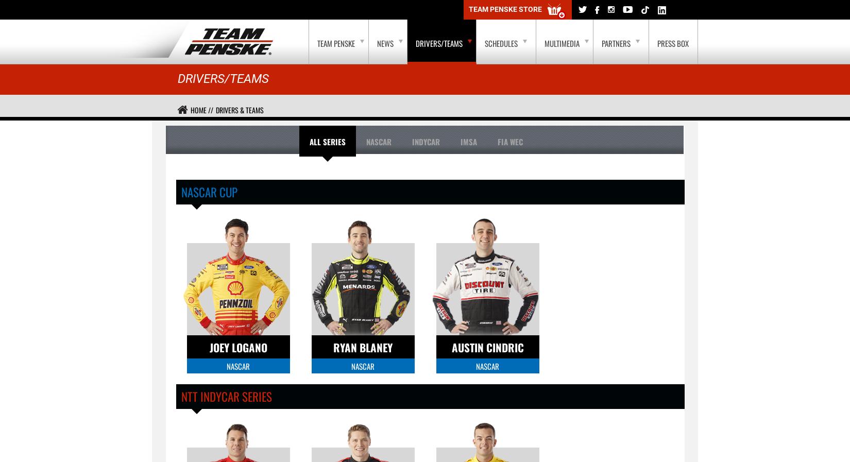 This screenshot has height=462, width=850. Describe the element at coordinates (133, 9) in the screenshot. I see `'TikTok'` at that location.